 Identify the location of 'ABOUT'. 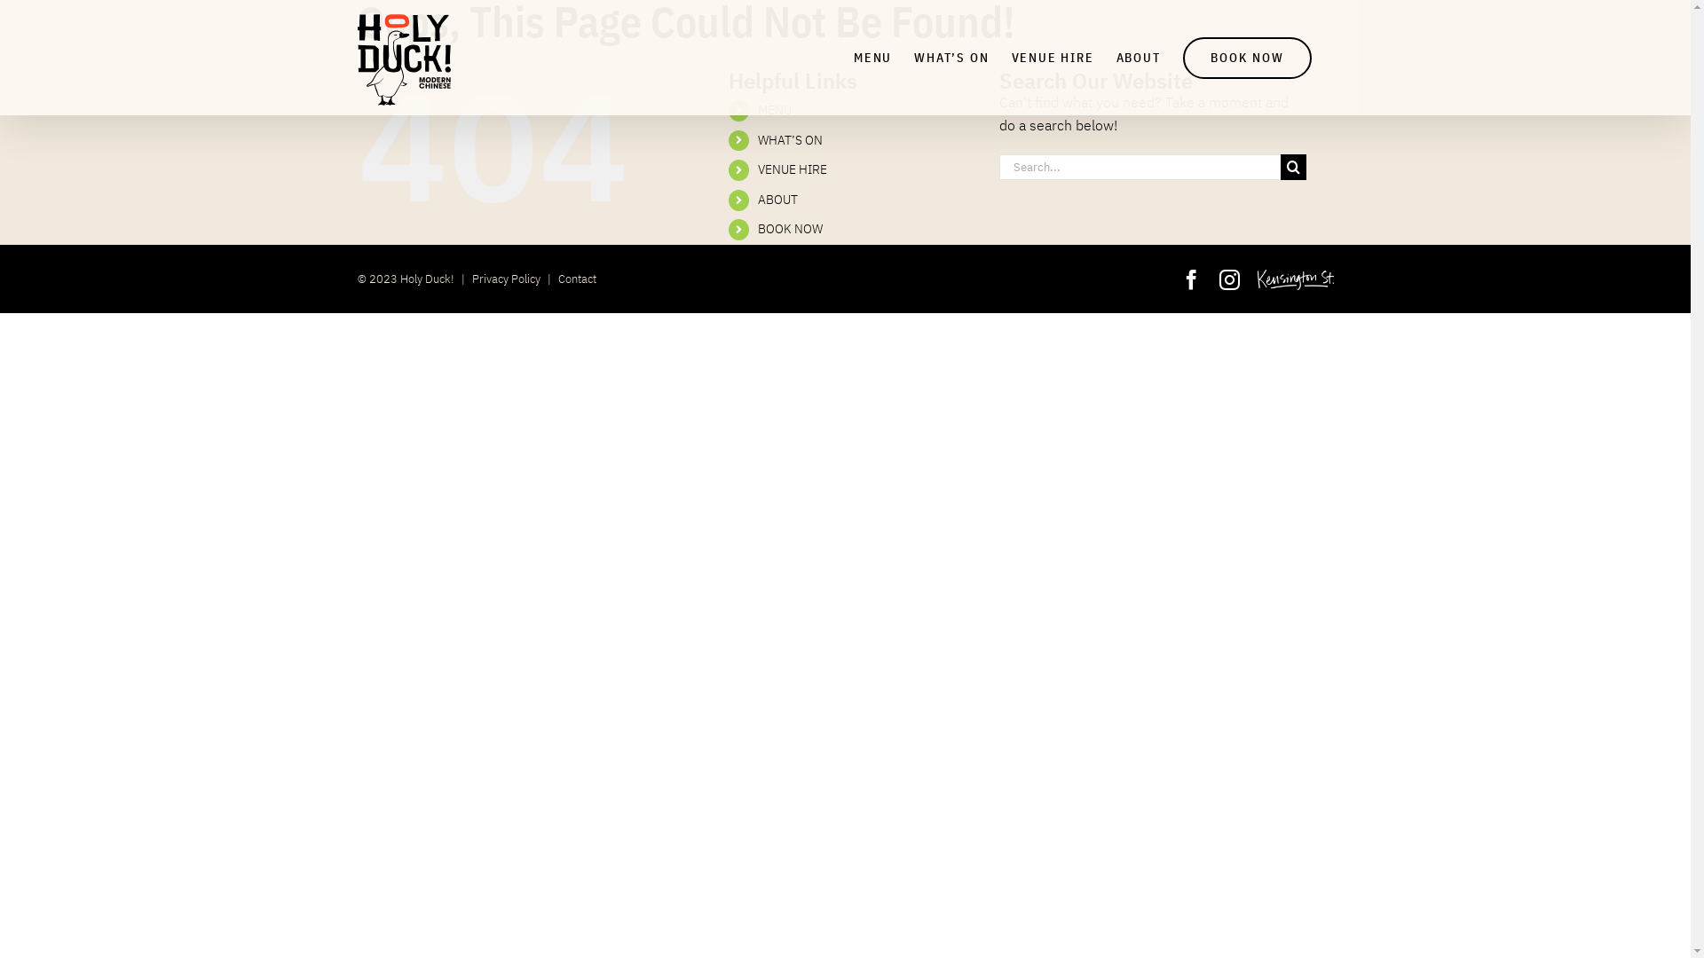
(1138, 57).